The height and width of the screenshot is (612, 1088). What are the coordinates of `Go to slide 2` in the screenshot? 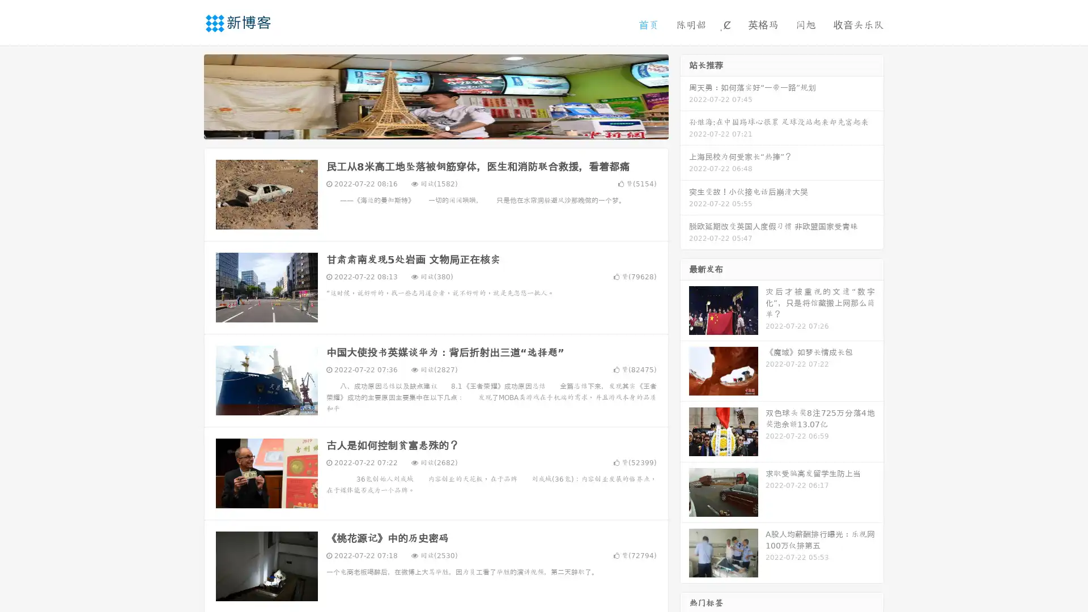 It's located at (435, 127).